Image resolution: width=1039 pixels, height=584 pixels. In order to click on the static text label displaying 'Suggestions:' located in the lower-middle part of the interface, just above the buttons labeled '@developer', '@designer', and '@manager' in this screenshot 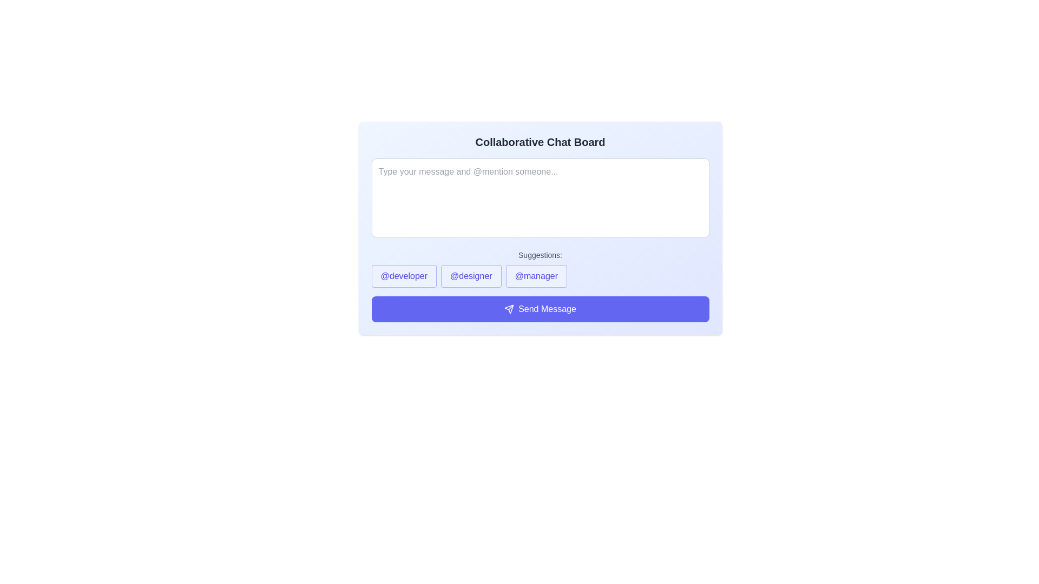, I will do `click(540, 255)`.